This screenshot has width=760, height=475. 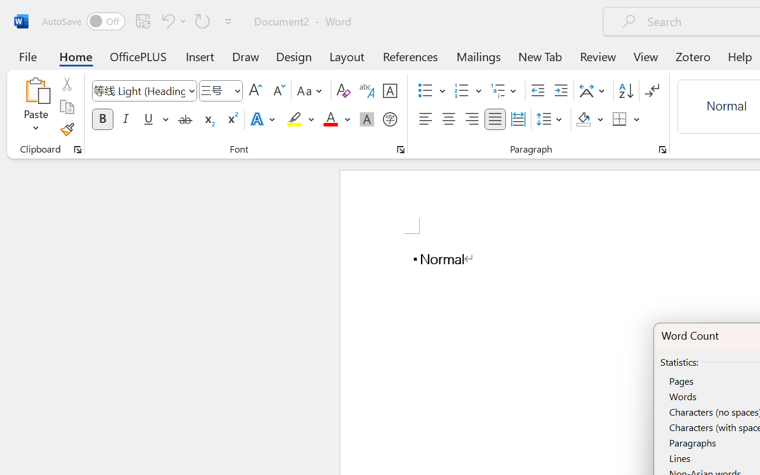 I want to click on 'Grow Font', so click(x=255, y=91).